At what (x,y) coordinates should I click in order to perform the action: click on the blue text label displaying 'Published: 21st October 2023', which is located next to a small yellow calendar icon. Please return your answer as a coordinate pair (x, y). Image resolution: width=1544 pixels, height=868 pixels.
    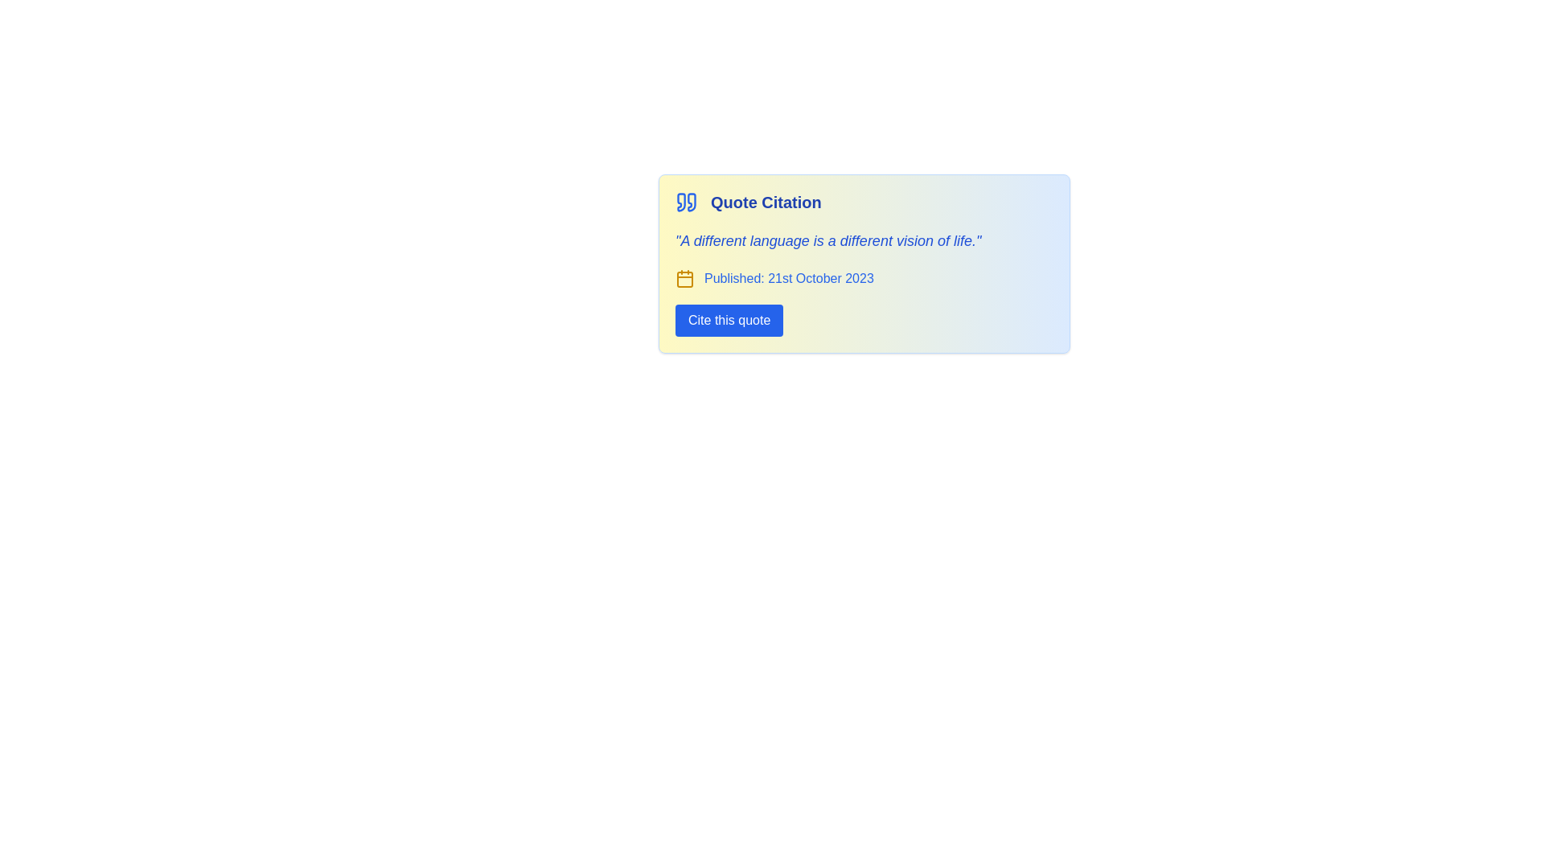
    Looking at the image, I should click on (789, 278).